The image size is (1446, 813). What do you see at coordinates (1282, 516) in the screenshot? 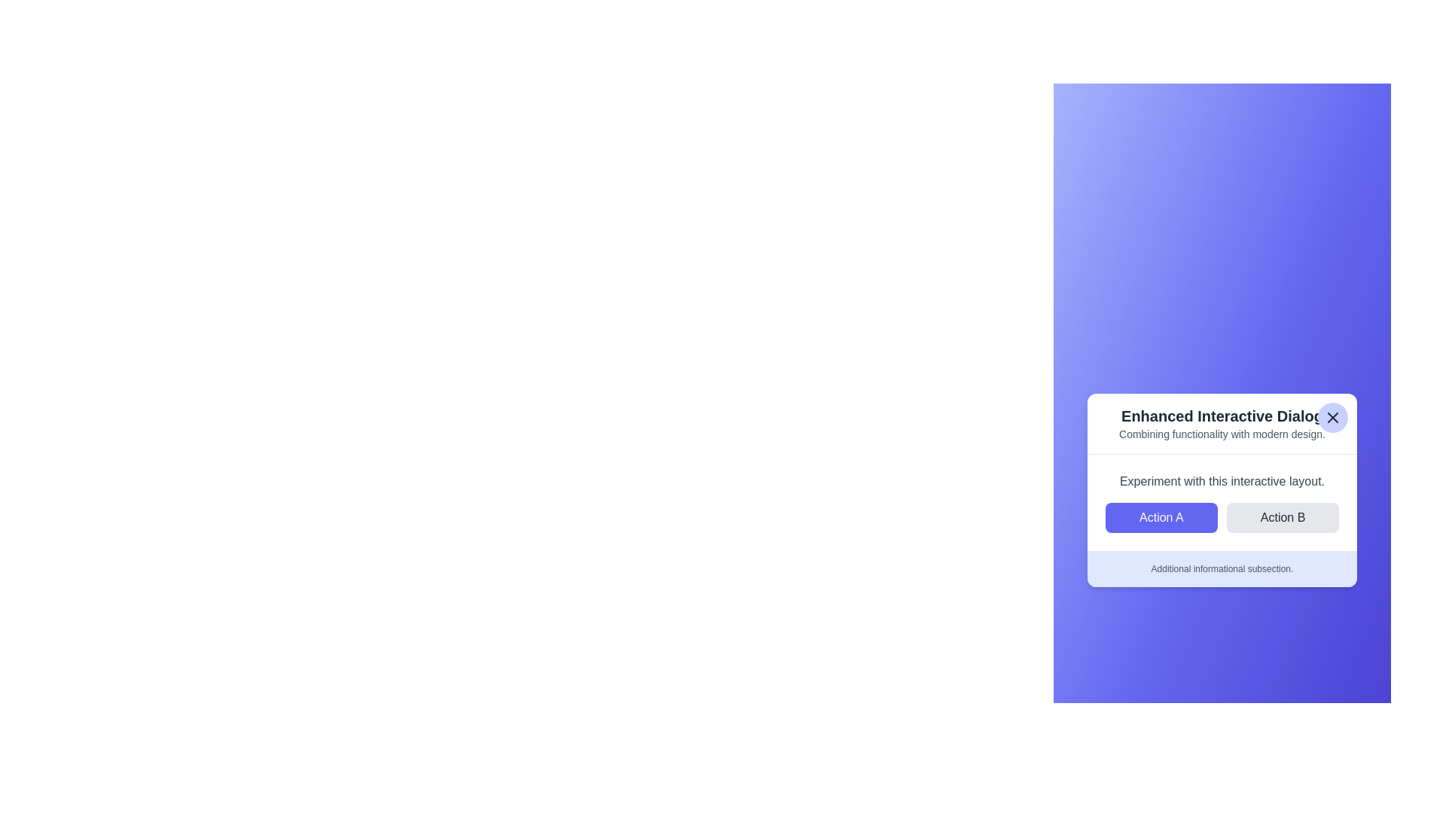
I see `the rightmost button labeled 'Action B'` at bounding box center [1282, 516].